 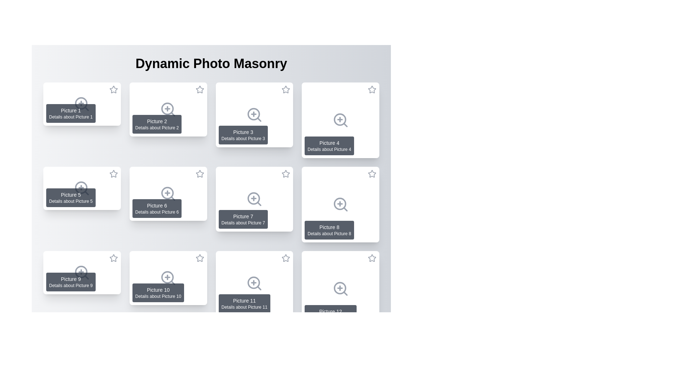 I want to click on the circular icon of the magnifying glass graphic located in the top-right quadrant of the fourth photo card labeled 'Picture 4', so click(x=339, y=119).